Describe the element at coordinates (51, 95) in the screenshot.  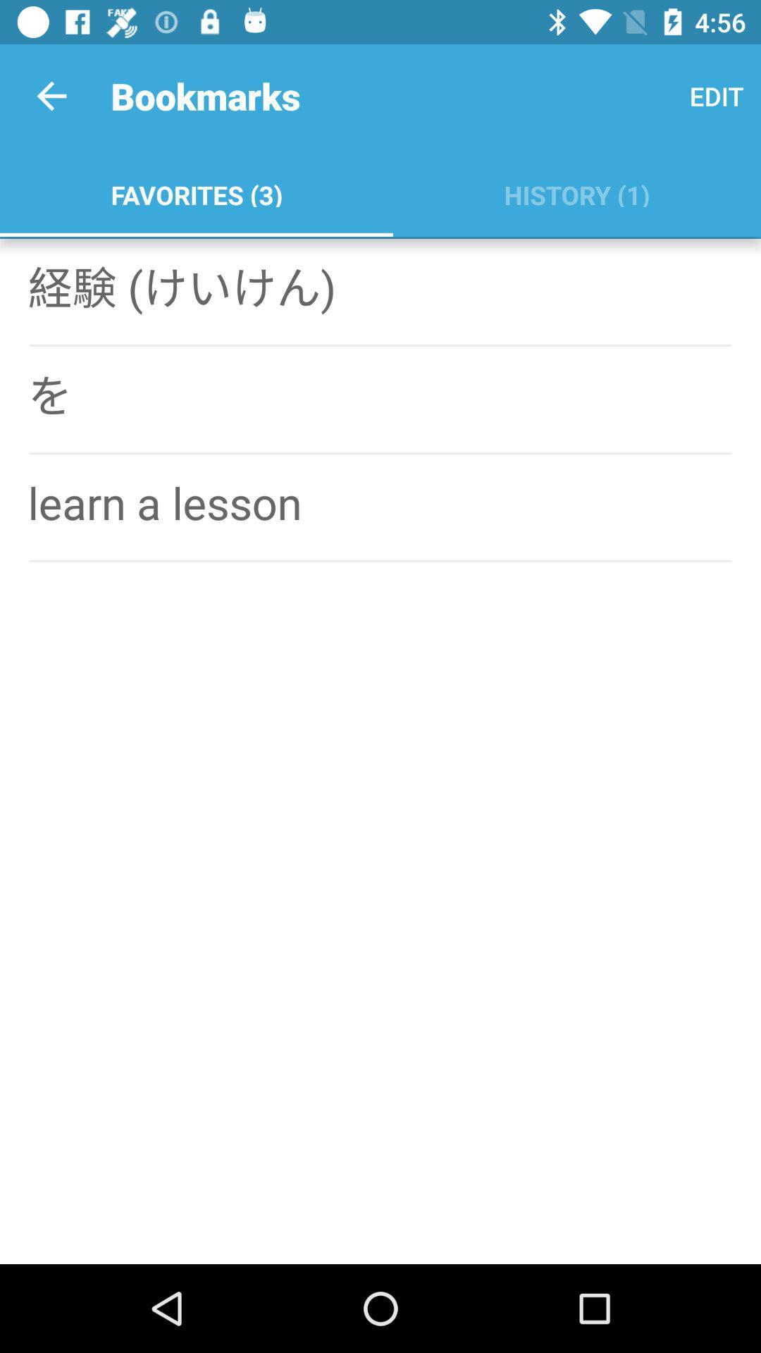
I see `the icon next to the bookmarks icon` at that location.